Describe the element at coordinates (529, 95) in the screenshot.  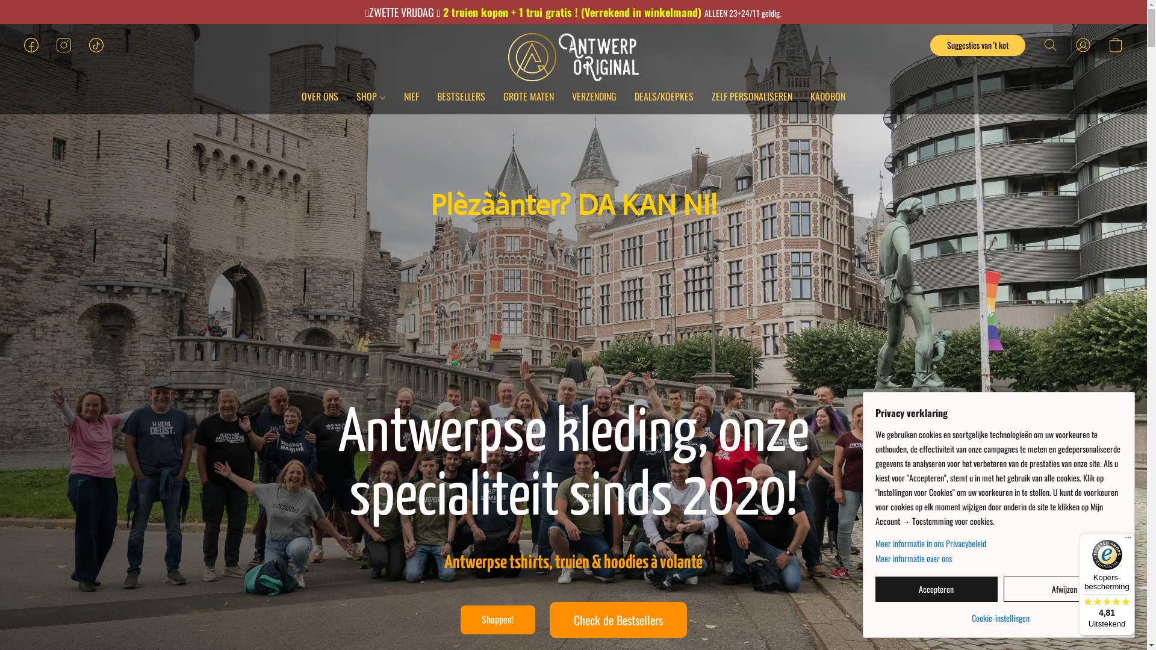
I see `'GROTE MATEN'` at that location.